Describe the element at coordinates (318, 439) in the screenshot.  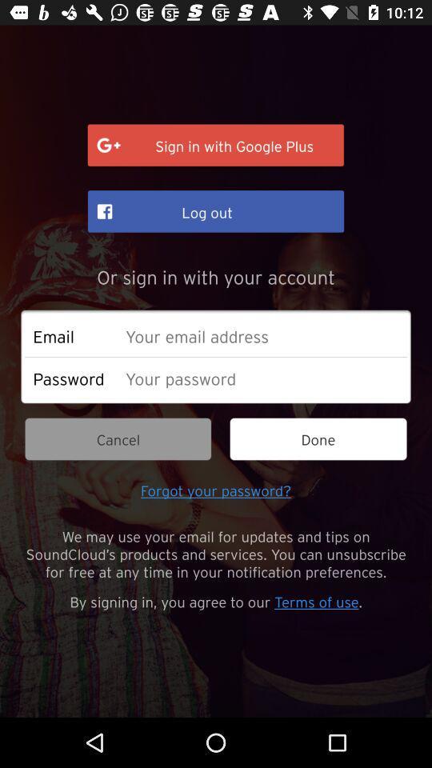
I see `item on the right` at that location.